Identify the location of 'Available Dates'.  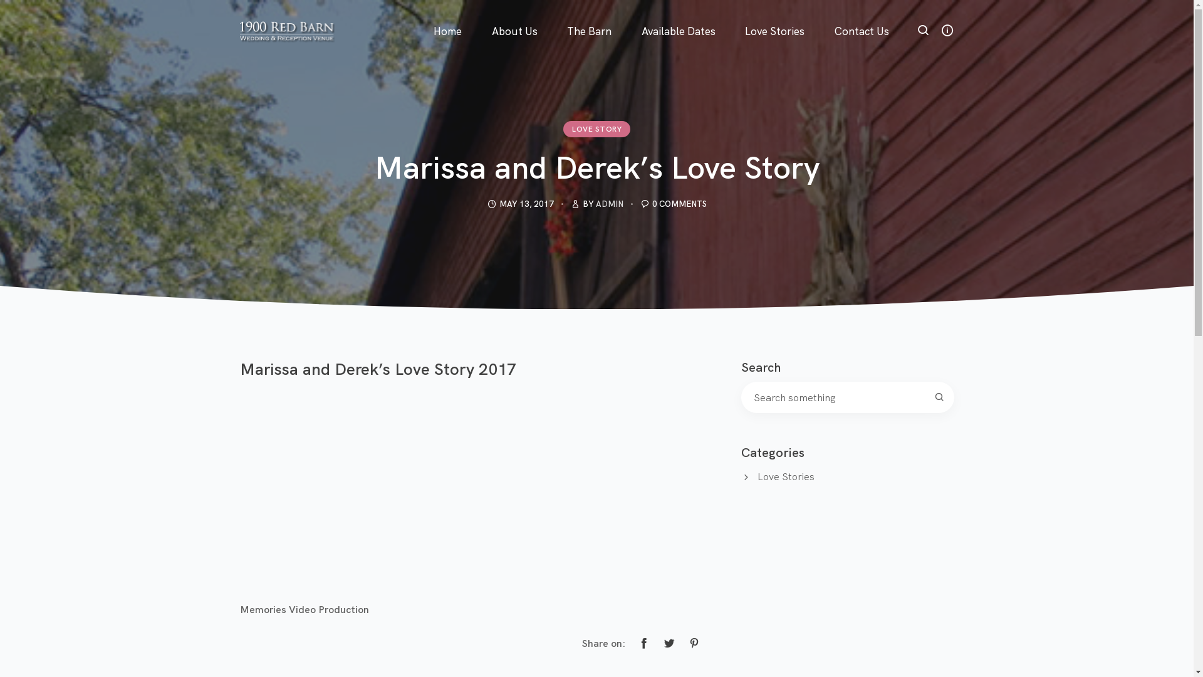
(678, 15).